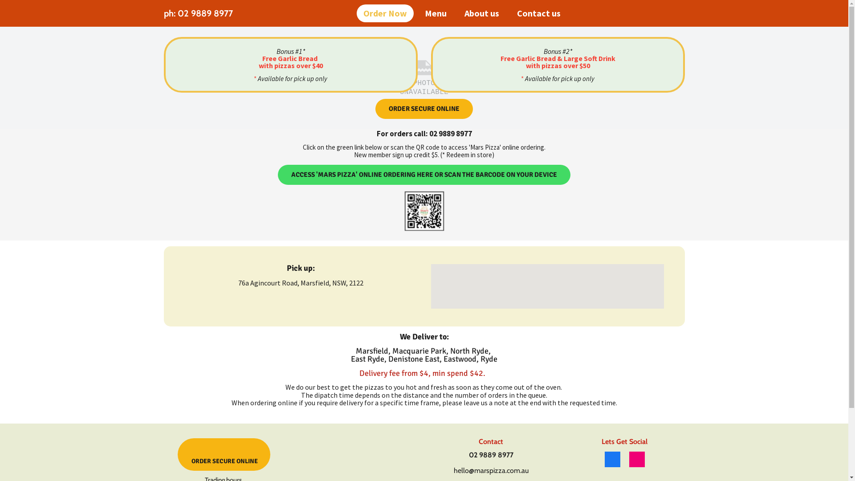  What do you see at coordinates (436, 13) in the screenshot?
I see `'Menu'` at bounding box center [436, 13].